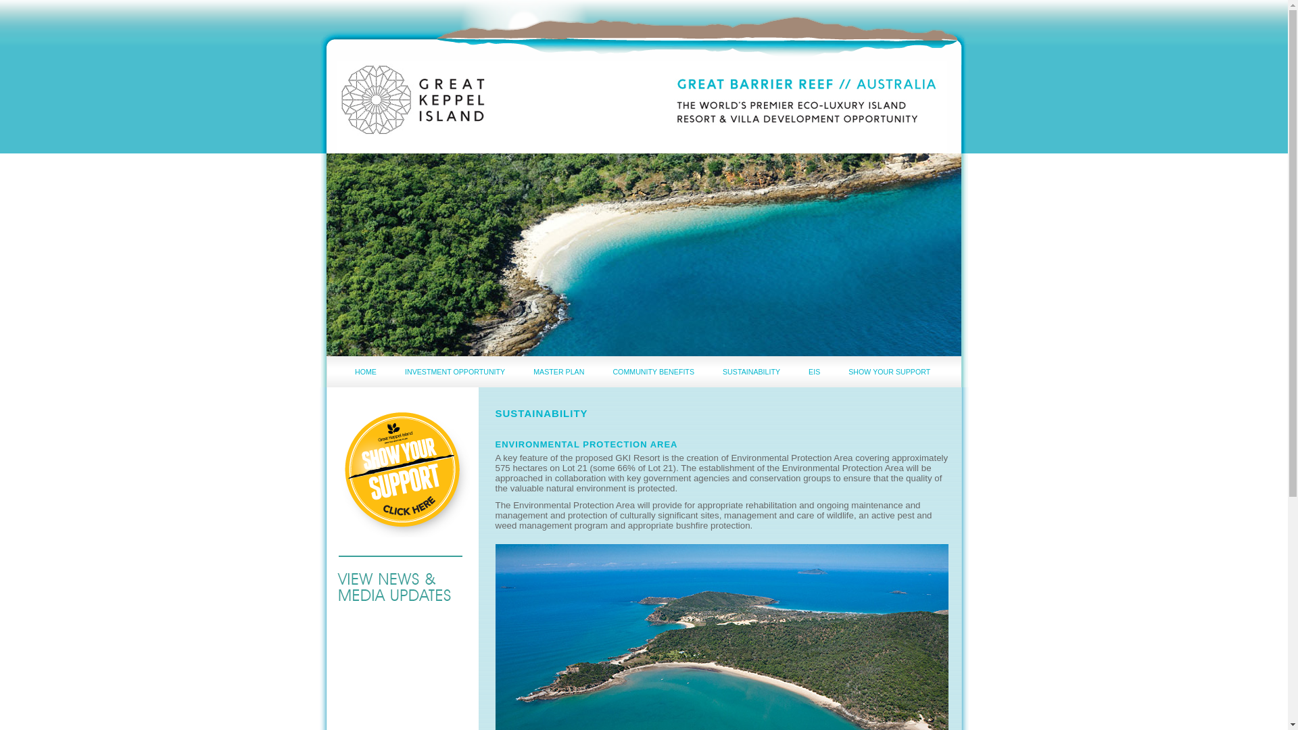  What do you see at coordinates (454, 372) in the screenshot?
I see `'INVESTMENT OPPORTUNITY'` at bounding box center [454, 372].